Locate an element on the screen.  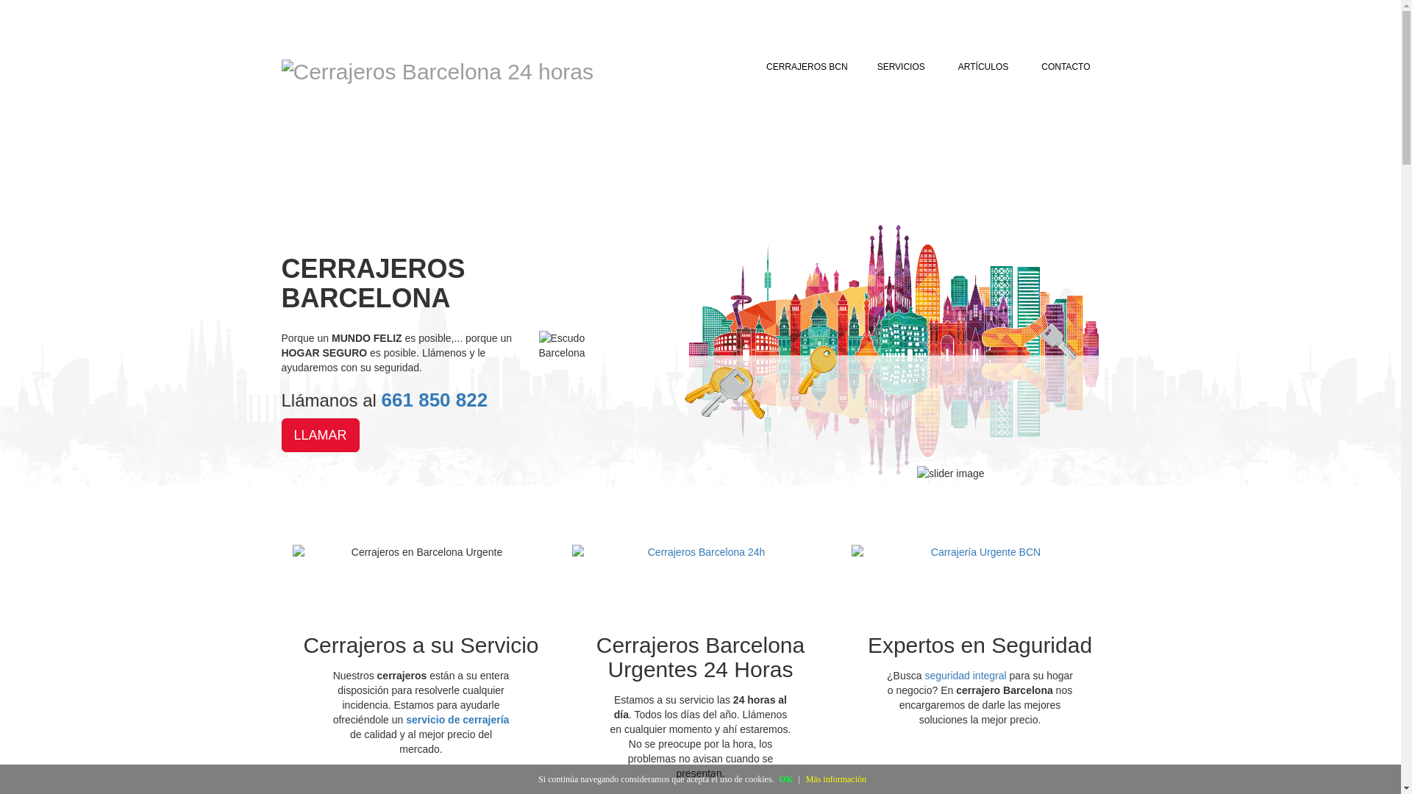
'seguridad integral' is located at coordinates (965, 675).